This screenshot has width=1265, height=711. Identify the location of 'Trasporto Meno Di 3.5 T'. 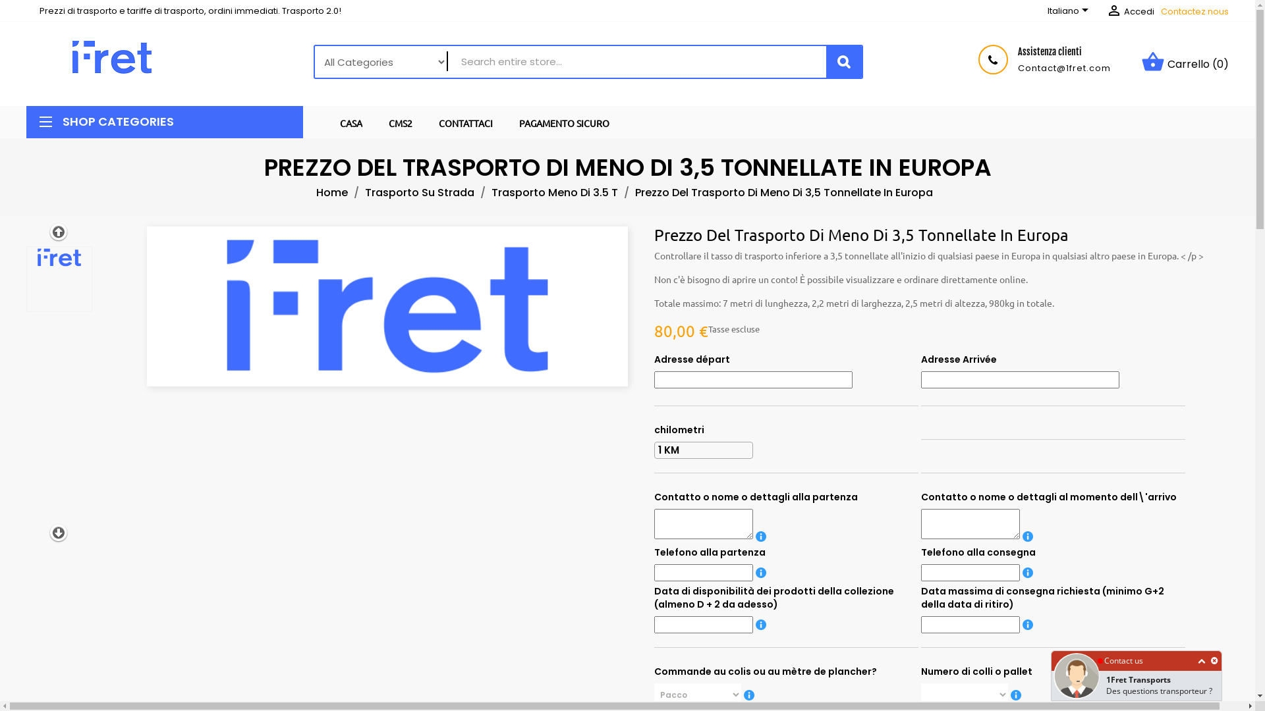
(556, 192).